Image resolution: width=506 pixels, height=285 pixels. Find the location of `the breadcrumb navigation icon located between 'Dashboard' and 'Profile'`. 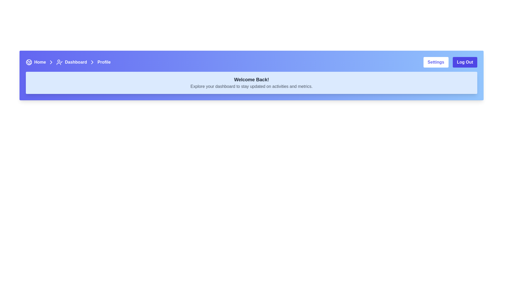

the breadcrumb navigation icon located between 'Dashboard' and 'Profile' is located at coordinates (92, 62).